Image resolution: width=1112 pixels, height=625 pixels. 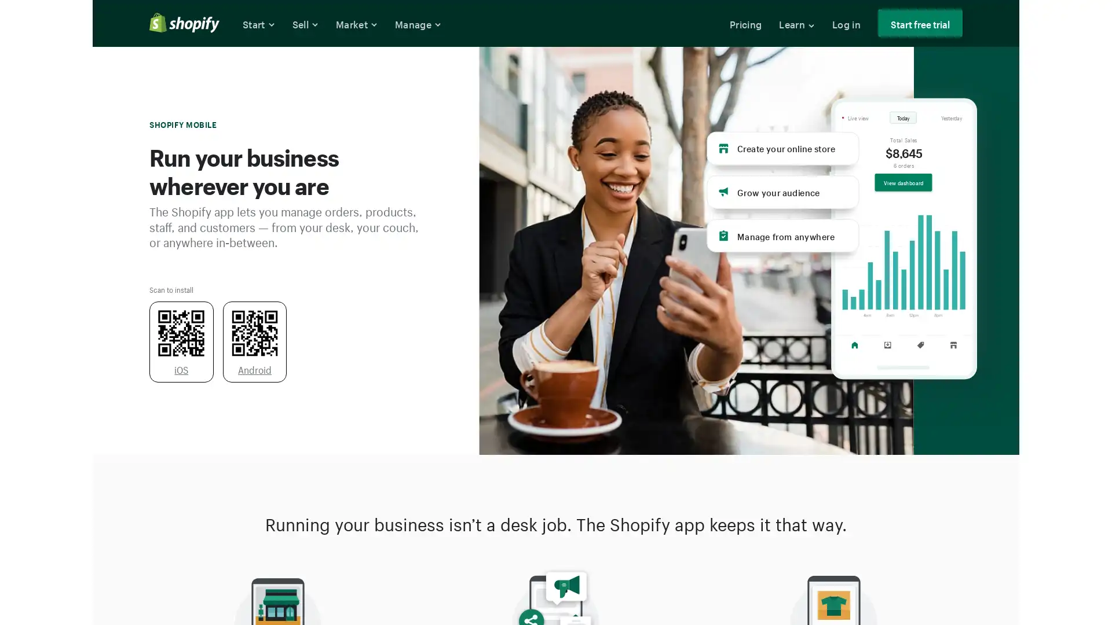 I want to click on Start free trial, so click(x=919, y=23).